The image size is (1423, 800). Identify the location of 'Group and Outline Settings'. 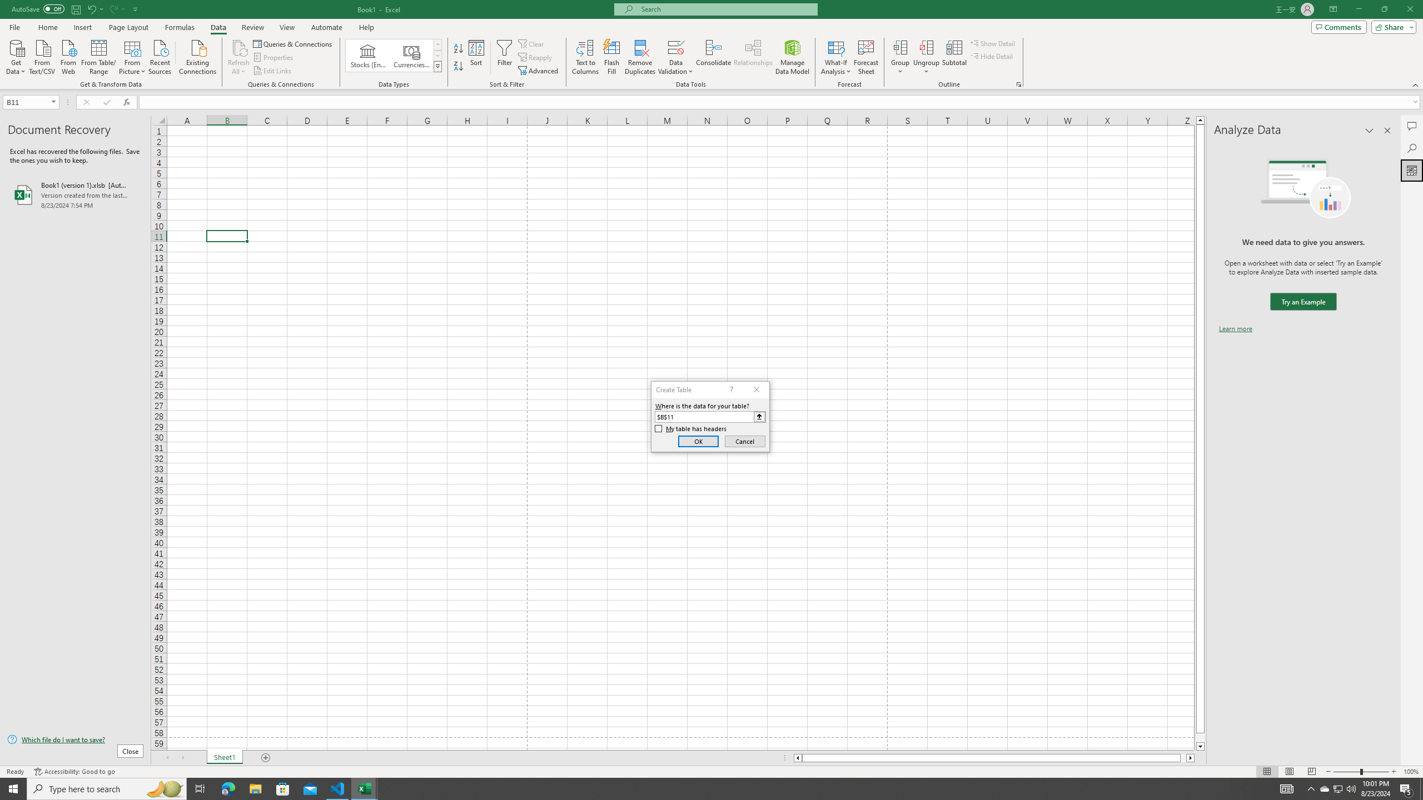
(1018, 83).